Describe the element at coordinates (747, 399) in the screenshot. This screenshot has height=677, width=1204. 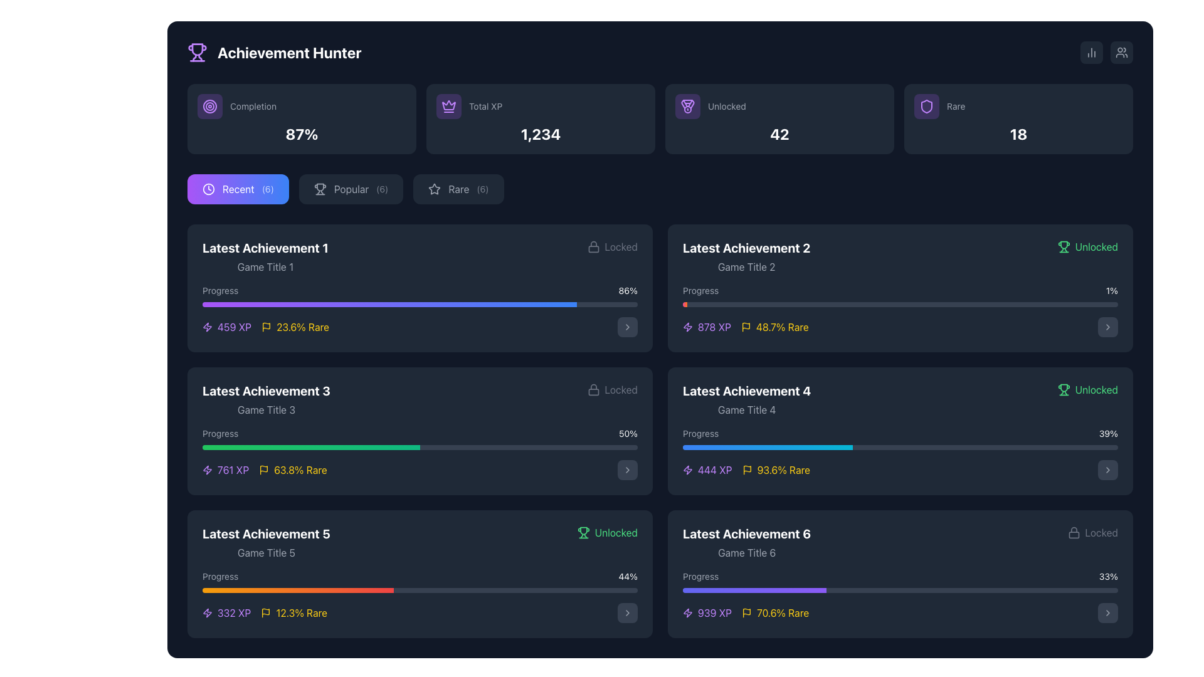
I see `the text-label element displaying 'Latest Achievement 4' and 'Game Title 4'` at that location.